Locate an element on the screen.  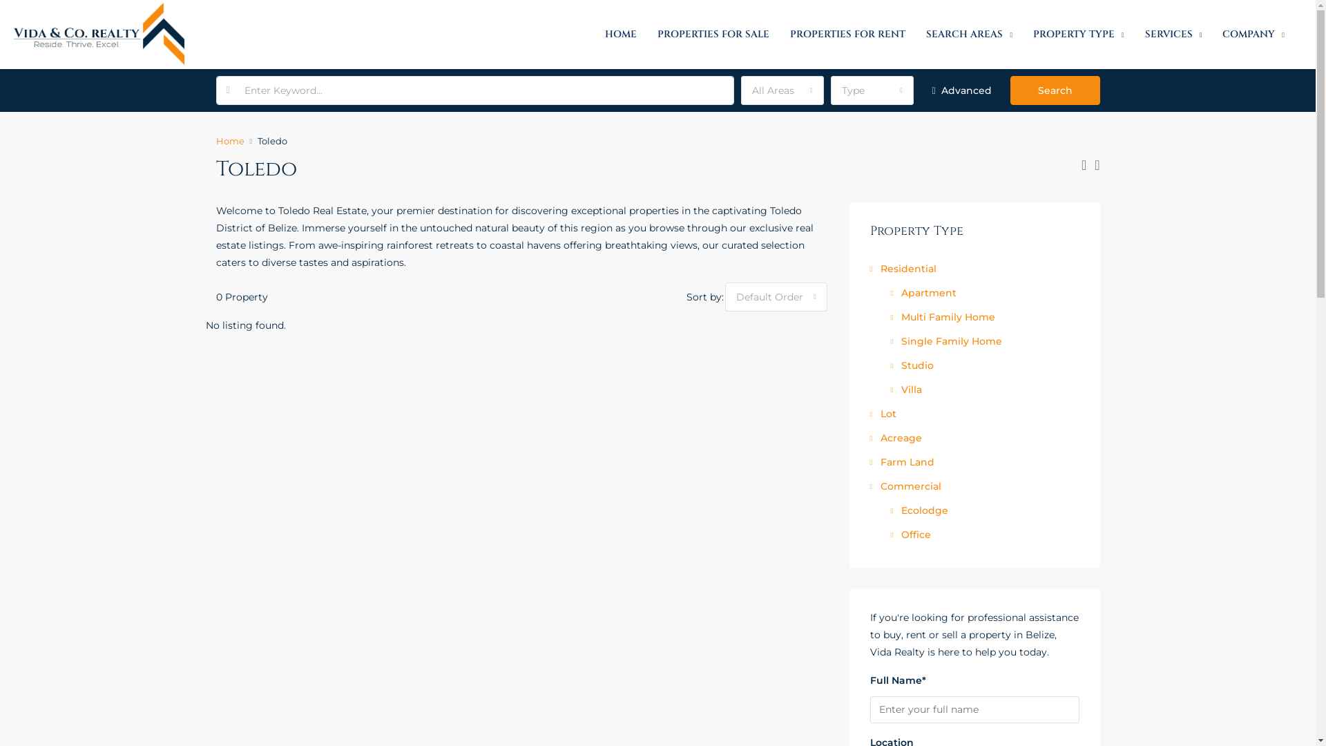
'Type' is located at coordinates (871, 90).